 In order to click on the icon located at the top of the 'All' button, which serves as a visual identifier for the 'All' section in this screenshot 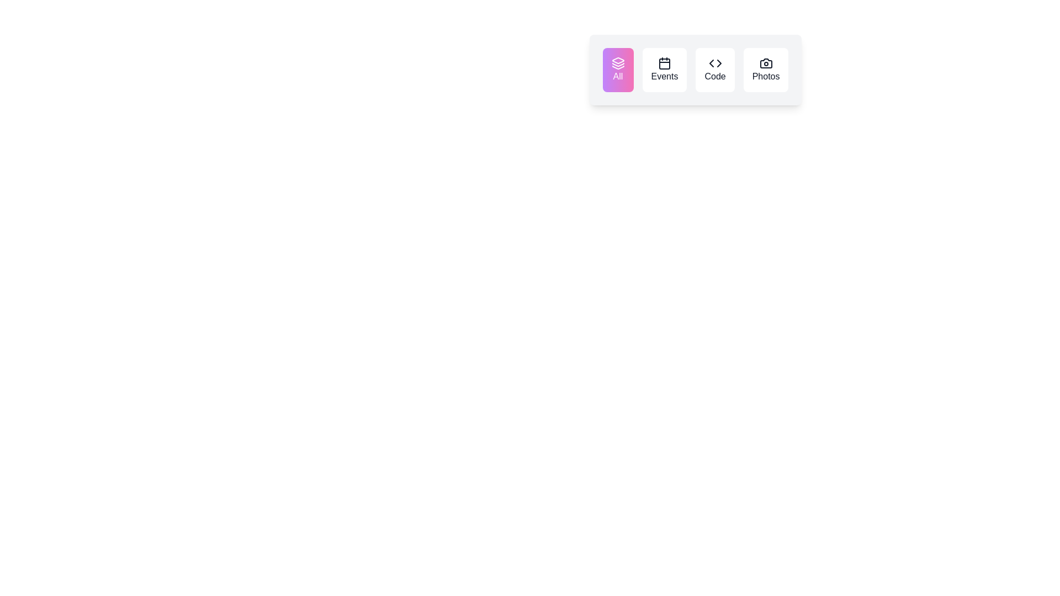, I will do `click(617, 63)`.